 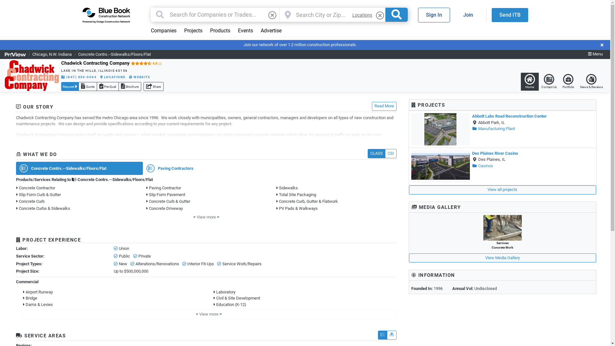 I want to click on 'Products', so click(x=220, y=31).